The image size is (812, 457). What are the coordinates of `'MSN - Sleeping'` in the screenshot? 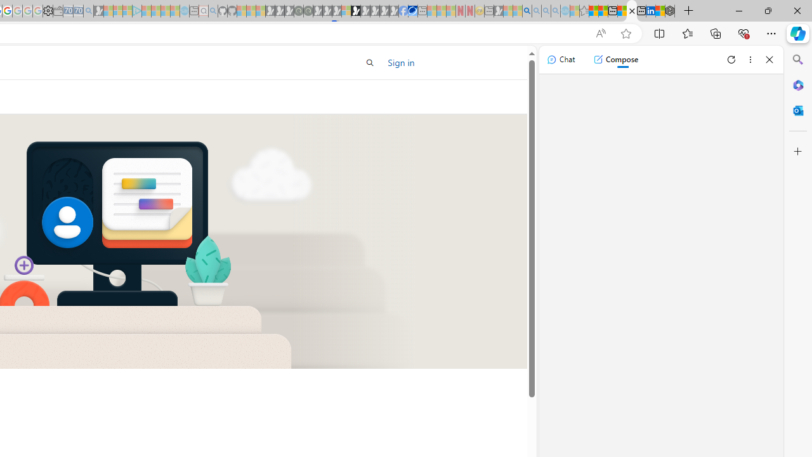 It's located at (498, 11).